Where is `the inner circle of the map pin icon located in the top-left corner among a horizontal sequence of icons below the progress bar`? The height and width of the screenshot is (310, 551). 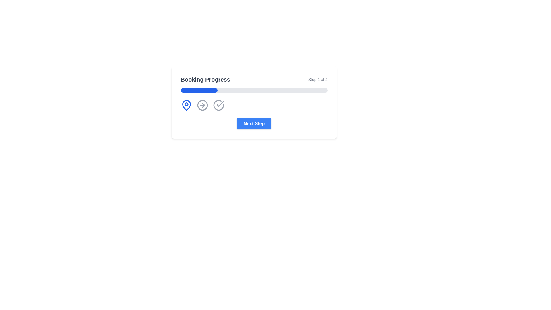
the inner circle of the map pin icon located in the top-left corner among a horizontal sequence of icons below the progress bar is located at coordinates (186, 104).